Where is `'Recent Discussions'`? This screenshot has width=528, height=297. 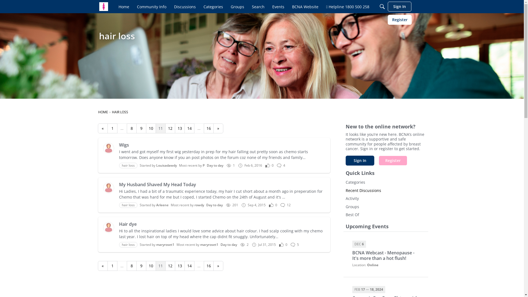
'Recent Discussions' is located at coordinates (385, 190).